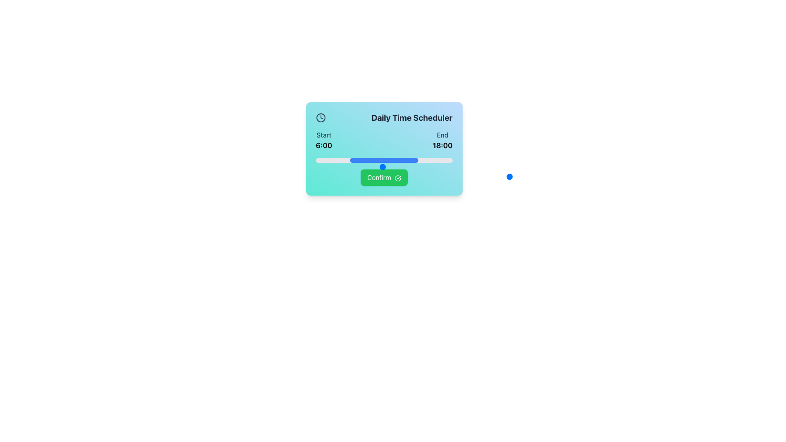 The height and width of the screenshot is (442, 786). What do you see at coordinates (445, 167) in the screenshot?
I see `the time value` at bounding box center [445, 167].